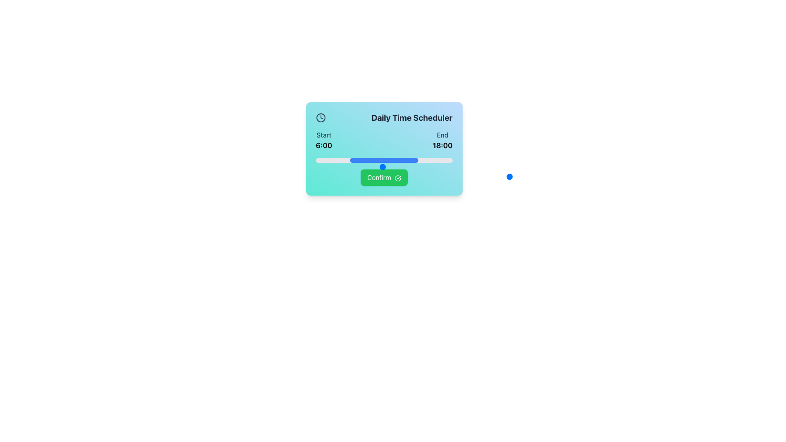 The height and width of the screenshot is (442, 786). What do you see at coordinates (445, 167) in the screenshot?
I see `the time value` at bounding box center [445, 167].